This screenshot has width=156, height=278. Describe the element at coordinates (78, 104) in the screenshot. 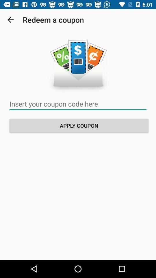

I see `the item above apply coupon item` at that location.